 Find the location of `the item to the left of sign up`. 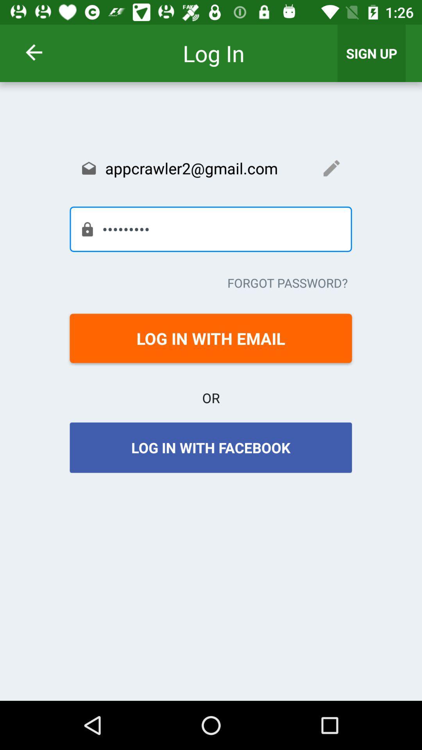

the item to the left of sign up is located at coordinates (44, 52).